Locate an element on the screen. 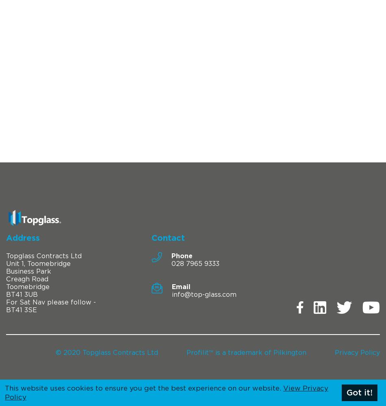 The height and width of the screenshot is (406, 386). 'Email' is located at coordinates (180, 286).